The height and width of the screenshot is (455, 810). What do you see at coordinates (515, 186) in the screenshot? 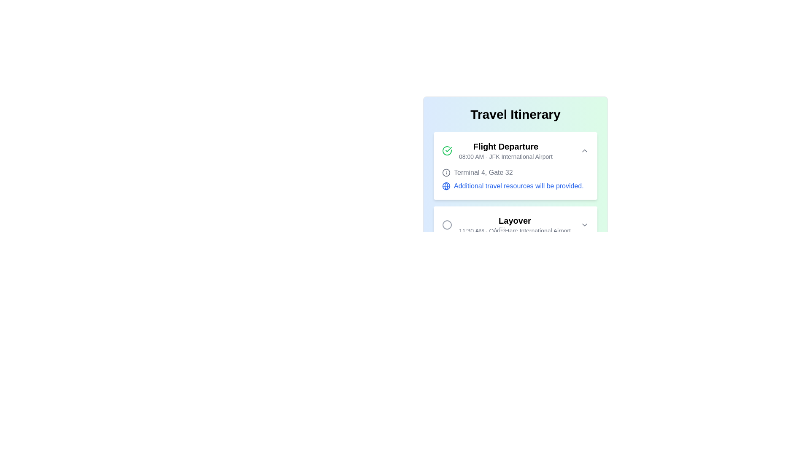
I see `the text 'Additional travel resources will be provided.' with a blue styling and a globe icon on its left, located below 'Terminal 4, Gate 32'` at bounding box center [515, 186].